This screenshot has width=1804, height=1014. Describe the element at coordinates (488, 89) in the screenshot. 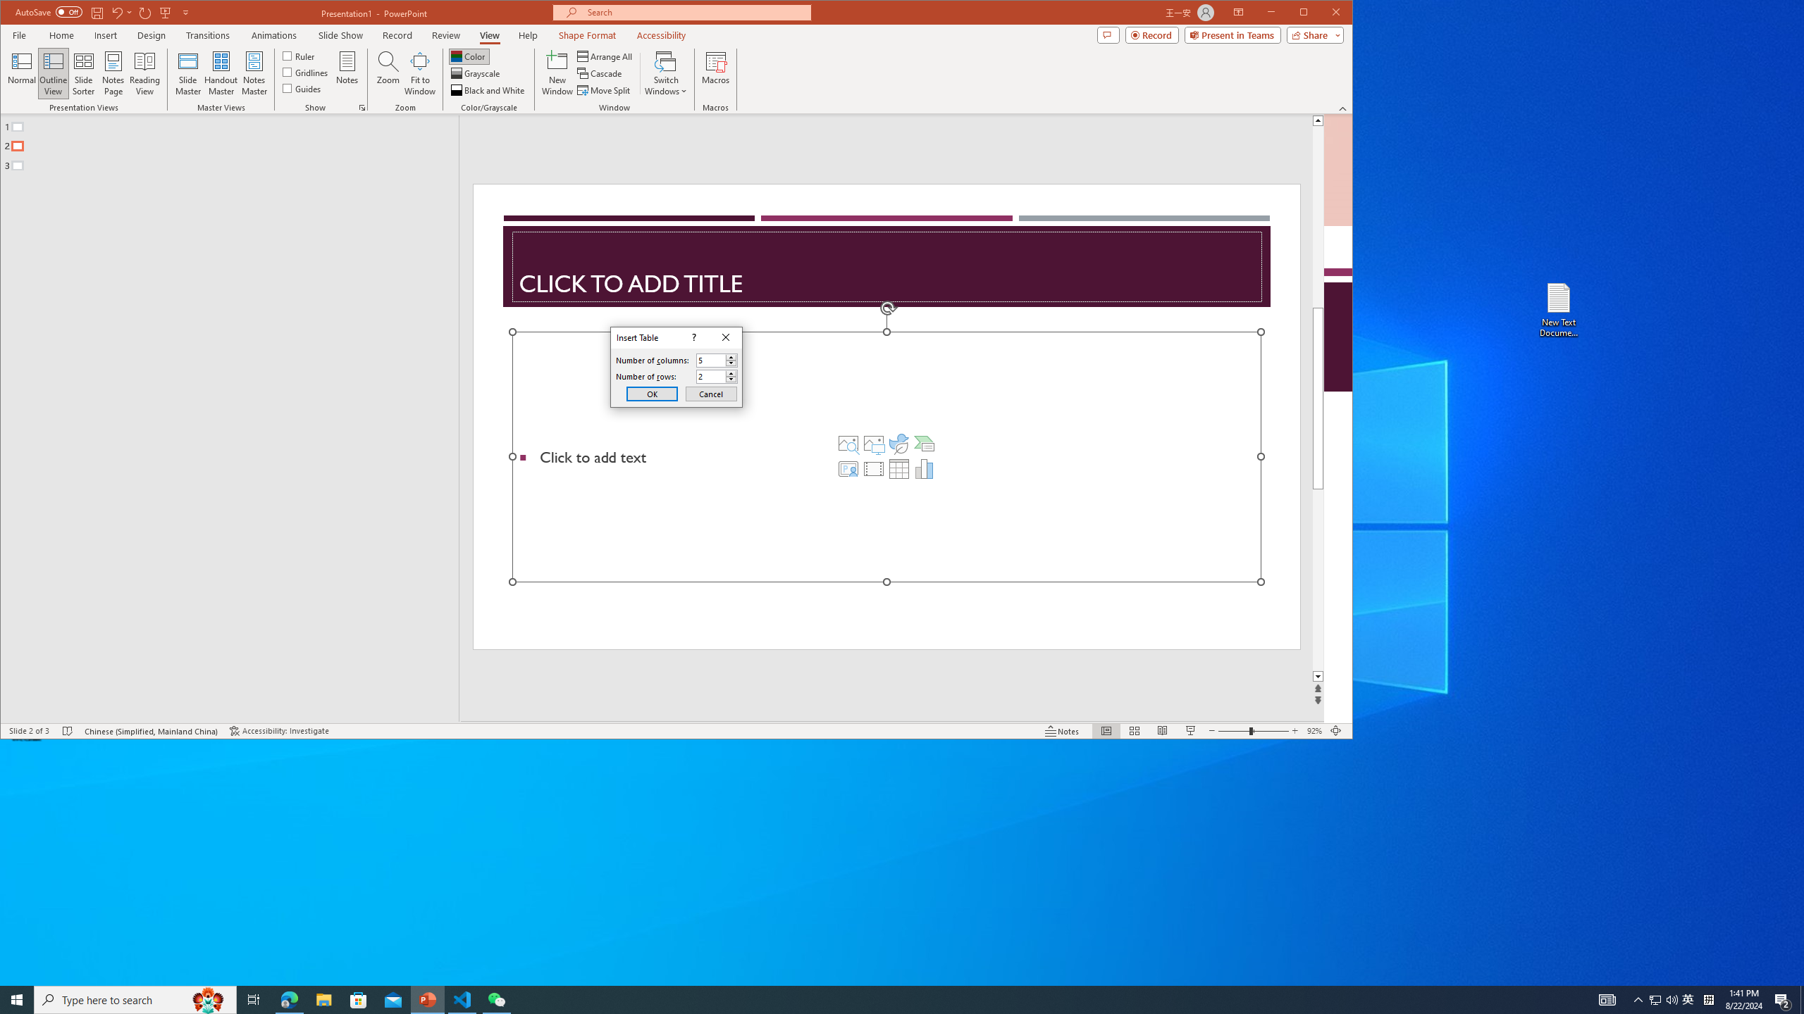

I see `'Black and White'` at that location.